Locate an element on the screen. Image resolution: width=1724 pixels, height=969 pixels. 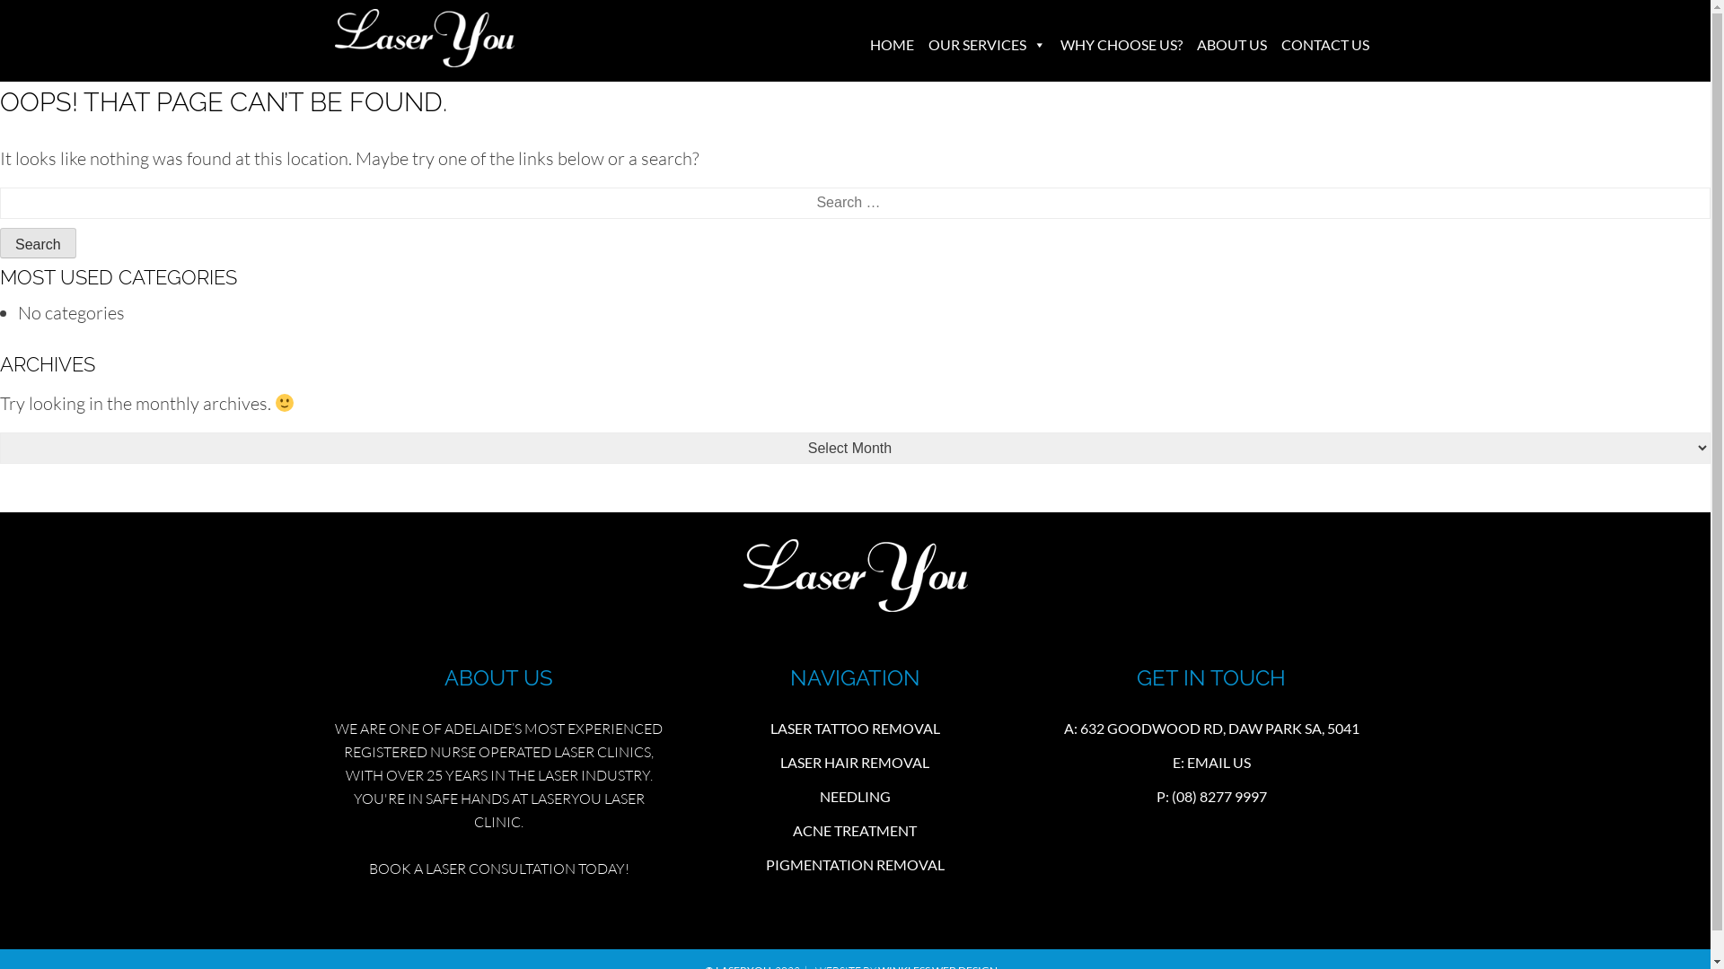
'Search' is located at coordinates (38, 242).